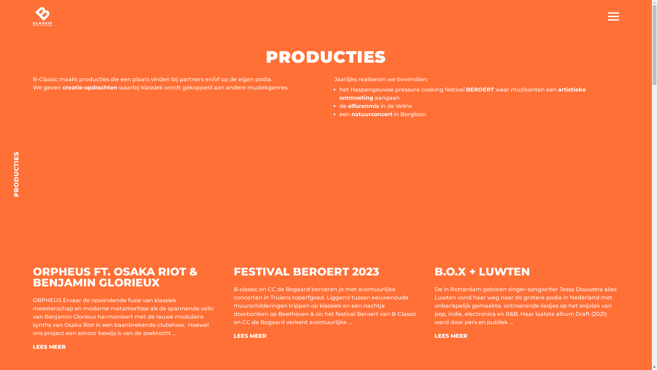 The width and height of the screenshot is (657, 370). Describe the element at coordinates (115, 276) in the screenshot. I see `'ORPHEUS FT. OSAKA RIOT & BENJAMIN GLORIEUX'` at that location.